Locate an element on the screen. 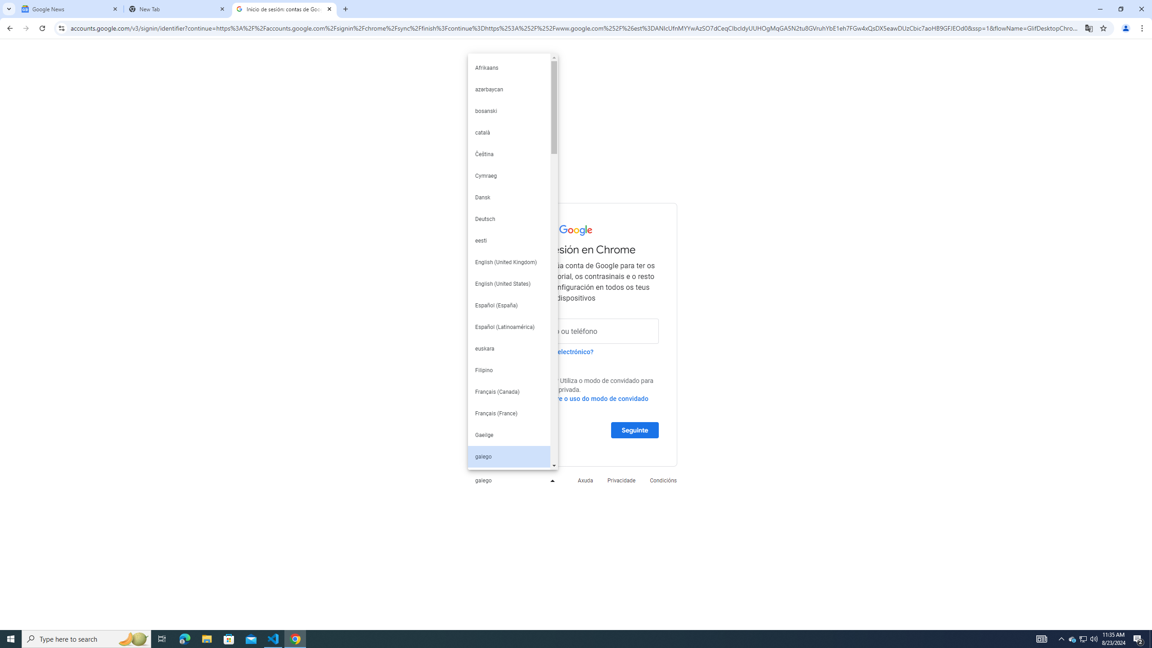 Image resolution: width=1152 pixels, height=648 pixels. 'View site information' is located at coordinates (61, 27).